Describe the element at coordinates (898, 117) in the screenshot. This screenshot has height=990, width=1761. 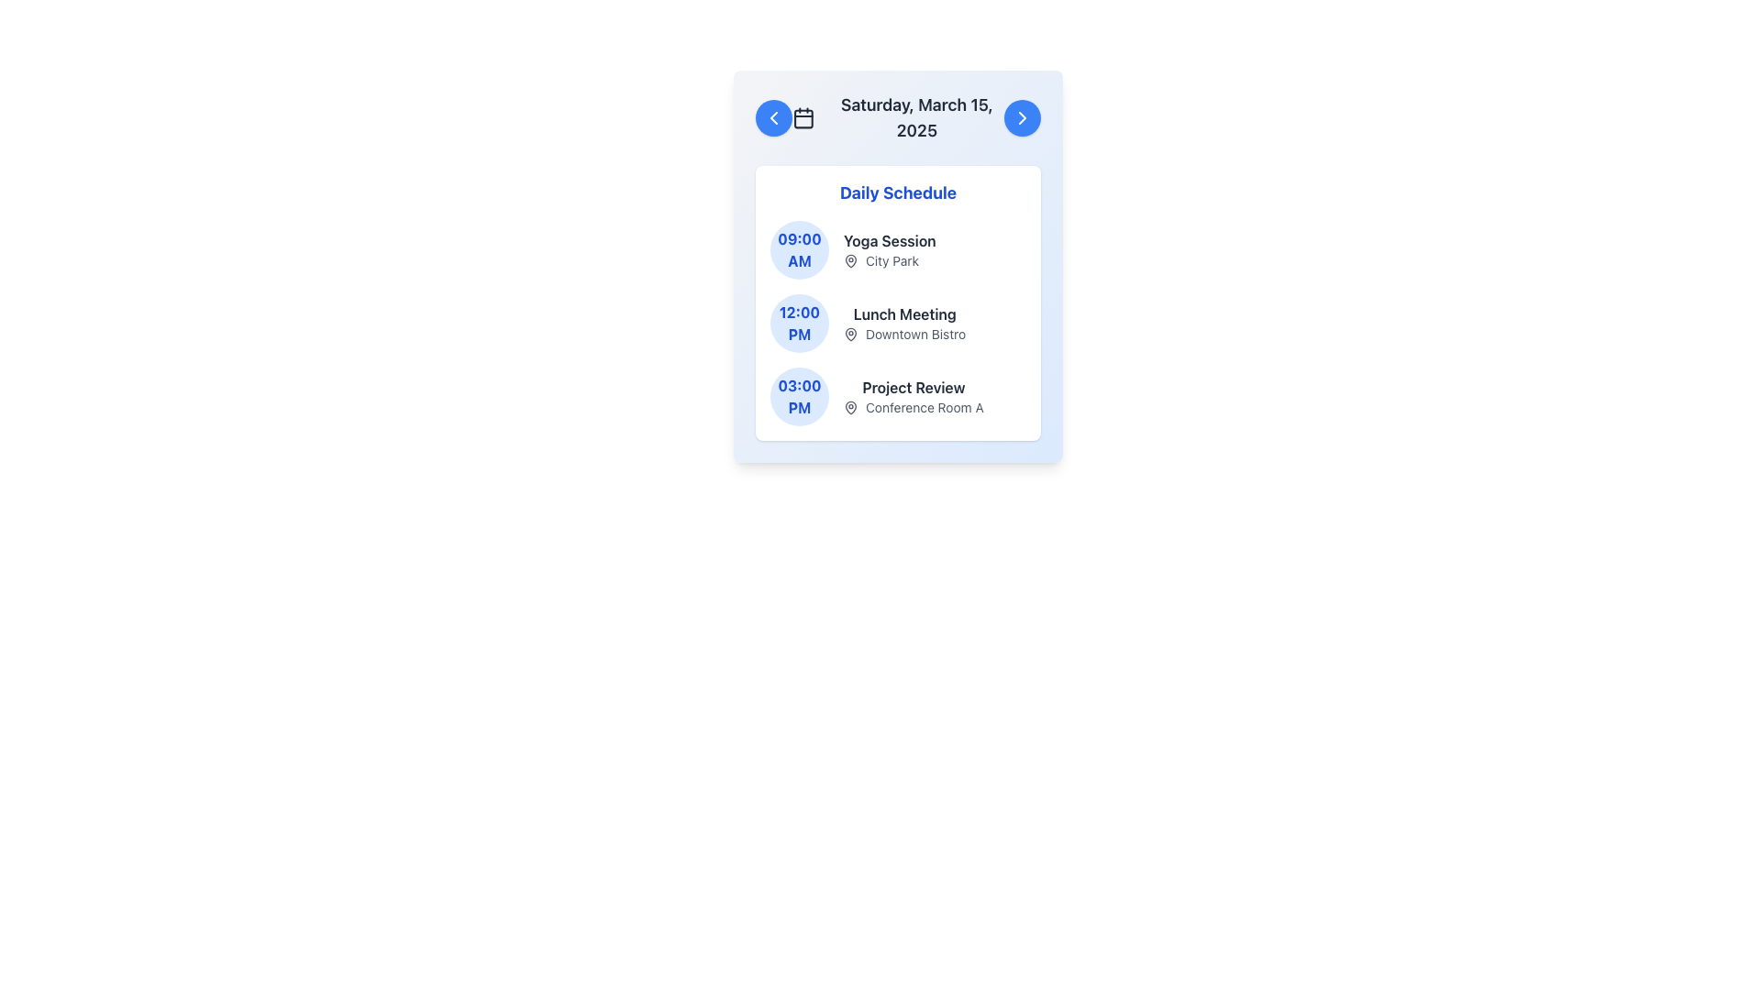
I see `the Text Label displaying the date 'Saturday, March 15, 2025' with a calendar icon on its left, positioned centrally between two interactive buttons` at that location.